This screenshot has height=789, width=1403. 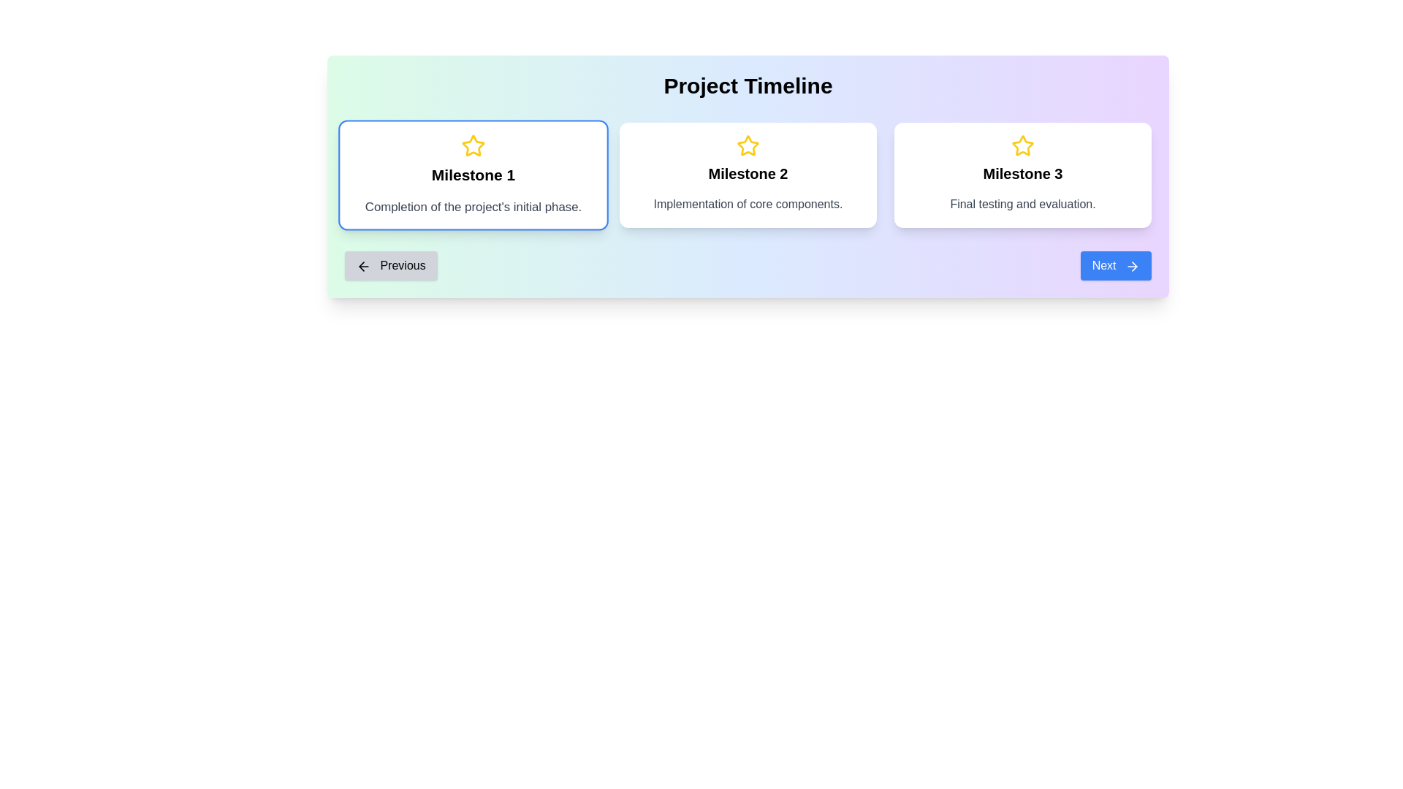 What do you see at coordinates (1022, 205) in the screenshot?
I see `the static text displaying 'Final testing and evaluation.' which is located beneath the 'Milestone 3' title and a yellow star icon within a white card` at bounding box center [1022, 205].